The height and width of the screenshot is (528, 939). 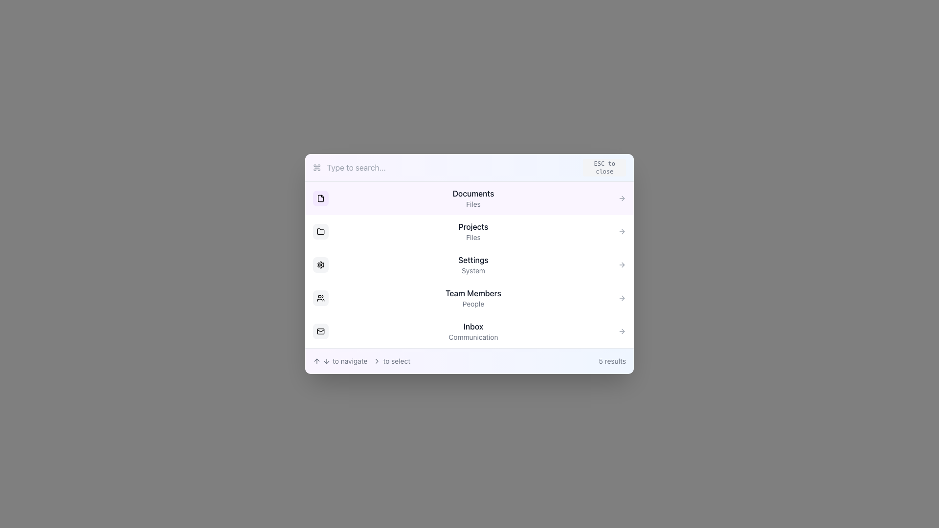 I want to click on the 'Settings' button, which features a settings icon on the left, a bold 'Settings' title in dark gray, and a smaller 'System' subtitle in lighter gray, located centrally as the third item in the menu, so click(x=469, y=265).